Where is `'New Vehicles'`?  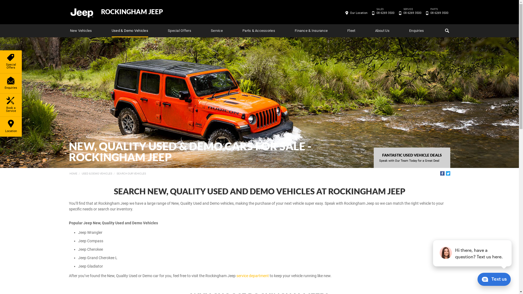 'New Vehicles' is located at coordinates (80, 30).